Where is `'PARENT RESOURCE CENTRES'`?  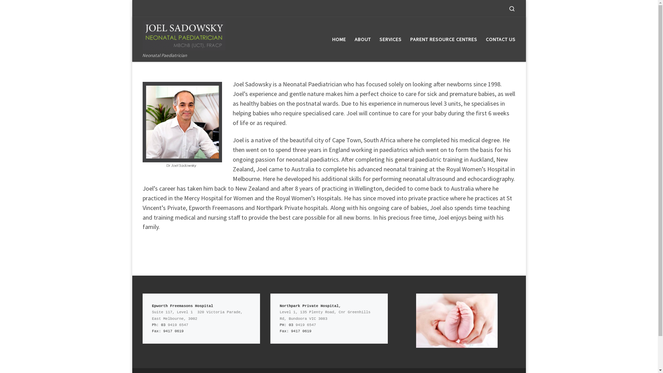 'PARENT RESOURCE CENTRES' is located at coordinates (443, 39).